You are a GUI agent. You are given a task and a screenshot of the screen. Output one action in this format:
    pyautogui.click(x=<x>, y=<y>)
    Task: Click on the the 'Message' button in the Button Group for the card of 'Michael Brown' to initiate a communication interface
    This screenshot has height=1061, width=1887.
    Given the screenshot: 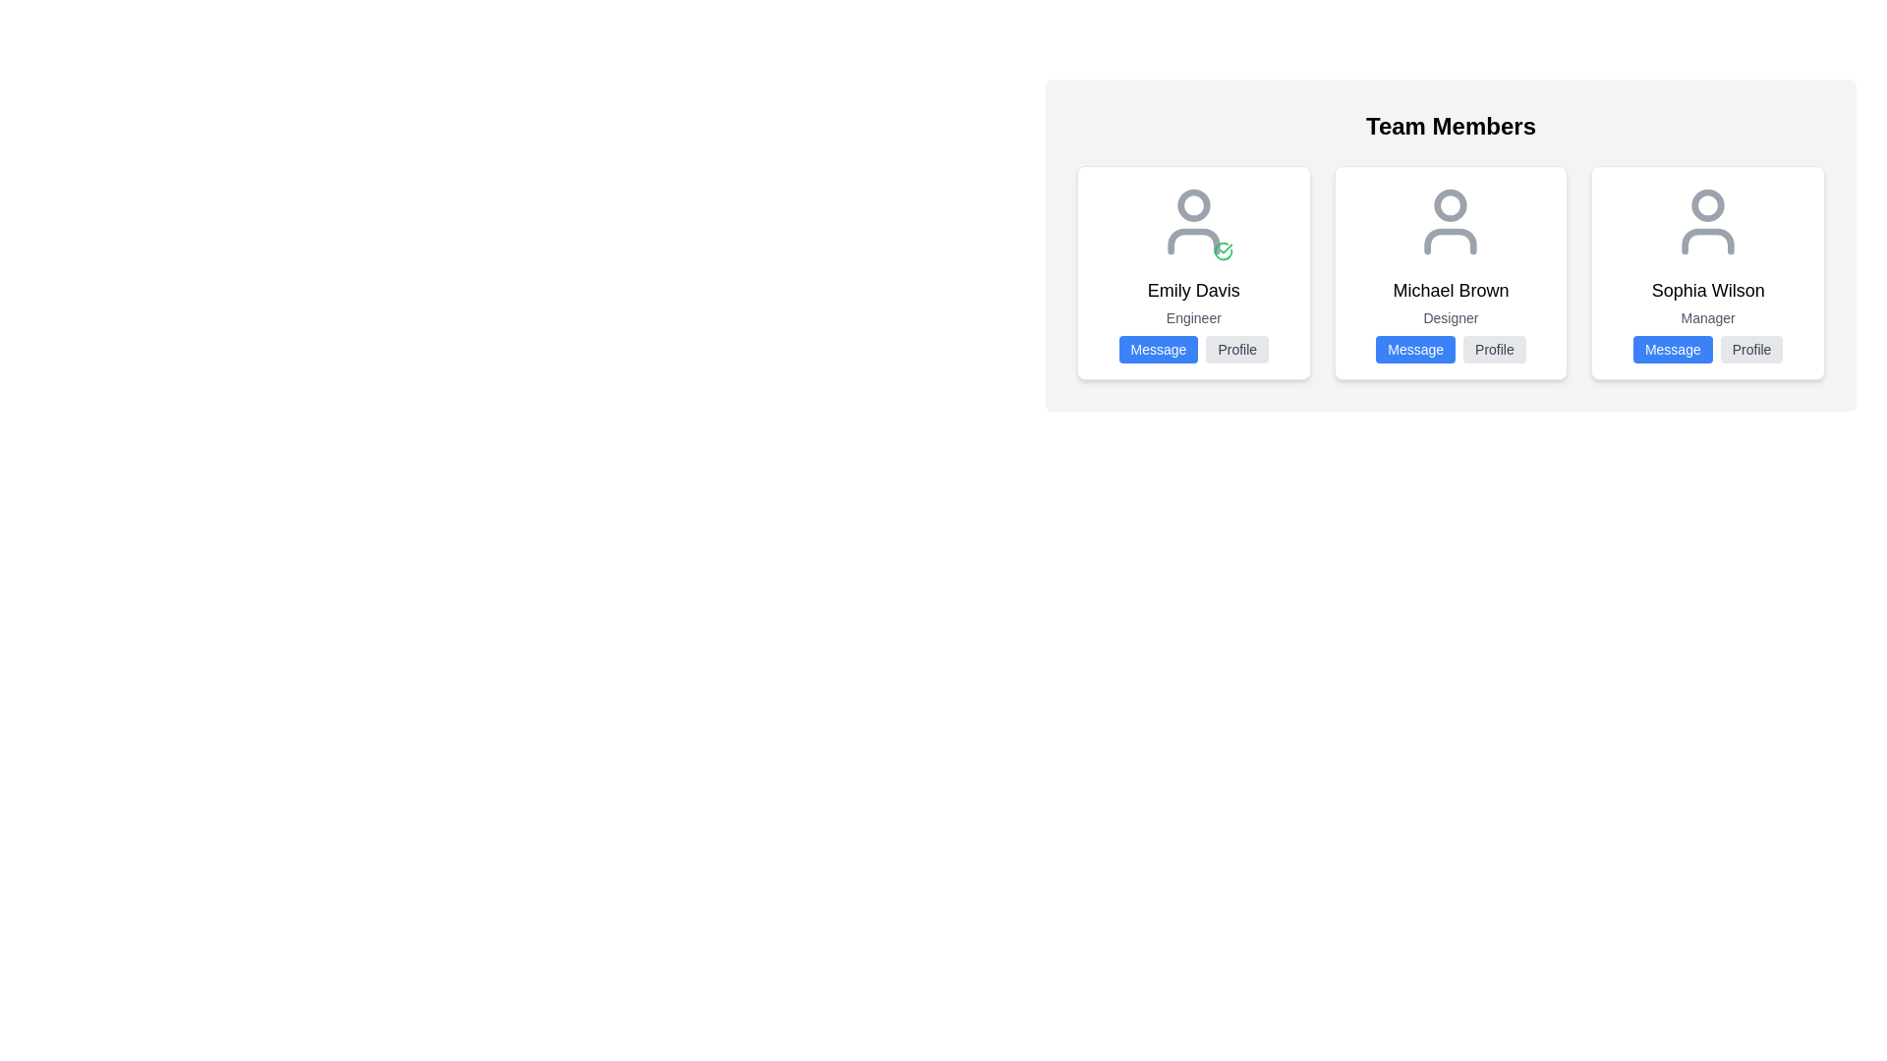 What is the action you would take?
    pyautogui.click(x=1451, y=348)
    